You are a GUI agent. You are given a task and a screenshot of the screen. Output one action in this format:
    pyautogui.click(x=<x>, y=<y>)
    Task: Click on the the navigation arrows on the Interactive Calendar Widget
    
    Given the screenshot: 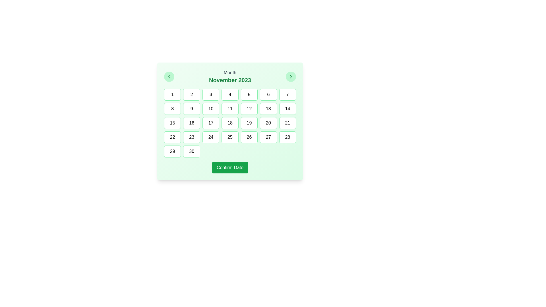 What is the action you would take?
    pyautogui.click(x=230, y=121)
    